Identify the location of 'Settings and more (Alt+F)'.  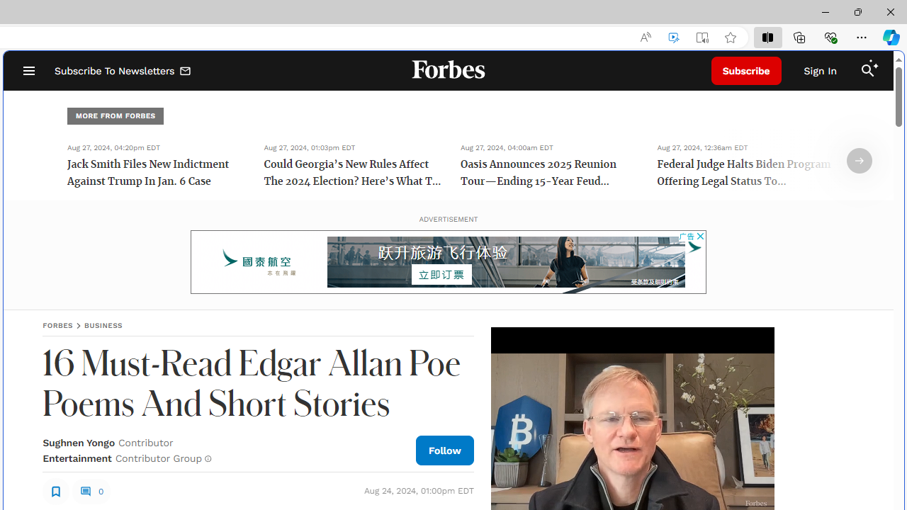
(861, 36).